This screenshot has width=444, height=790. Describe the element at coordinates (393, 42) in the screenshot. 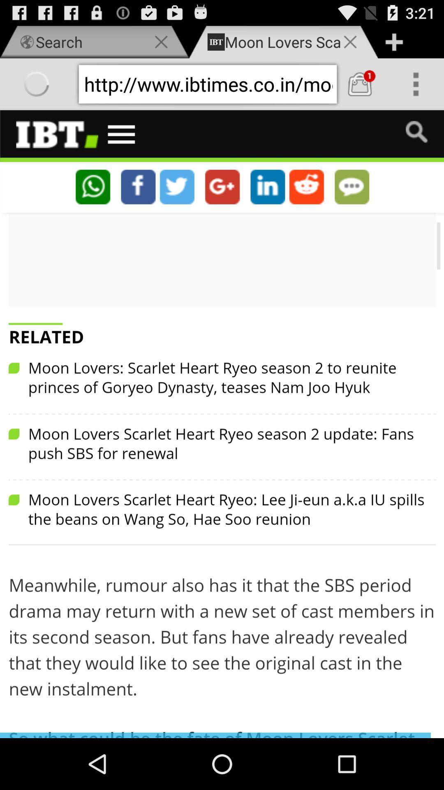

I see `new tab` at that location.